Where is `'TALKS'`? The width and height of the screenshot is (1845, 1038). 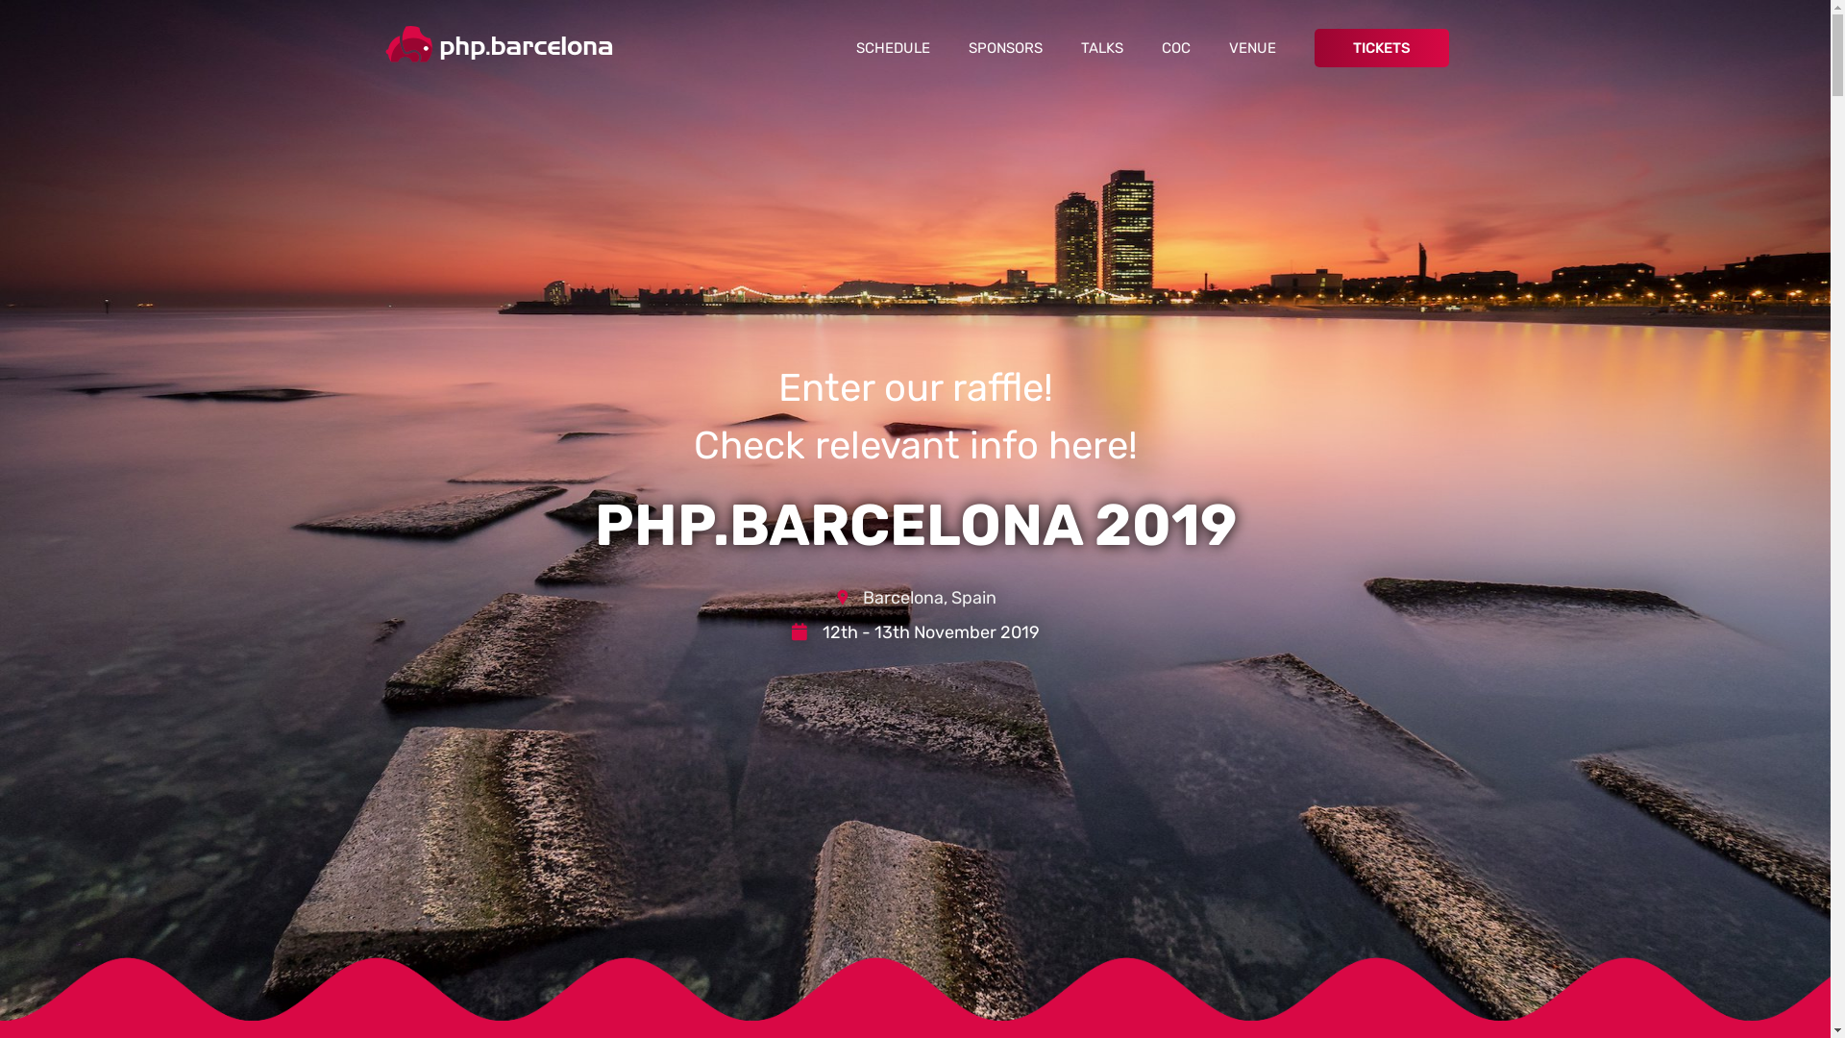 'TALKS' is located at coordinates (1060, 47).